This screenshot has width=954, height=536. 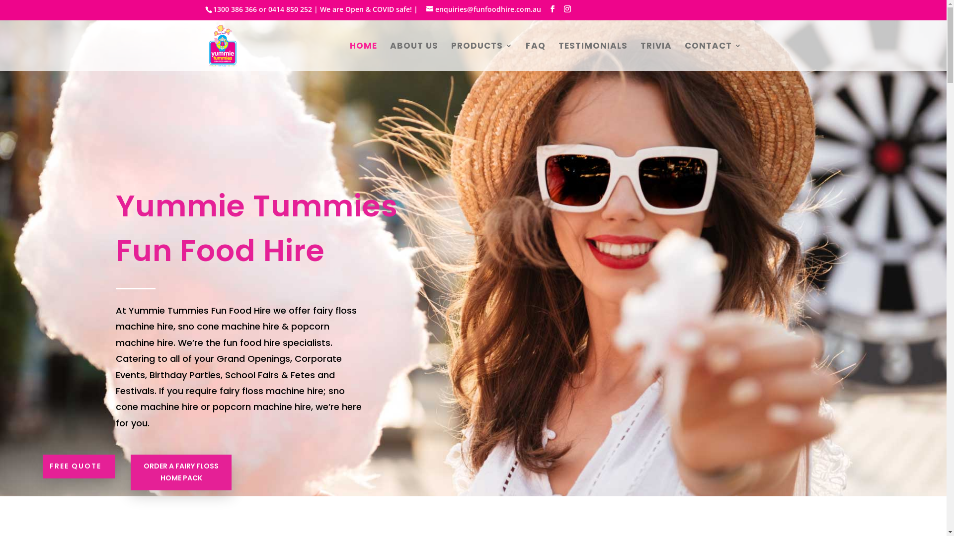 What do you see at coordinates (713, 57) in the screenshot?
I see `'CONTACT'` at bounding box center [713, 57].